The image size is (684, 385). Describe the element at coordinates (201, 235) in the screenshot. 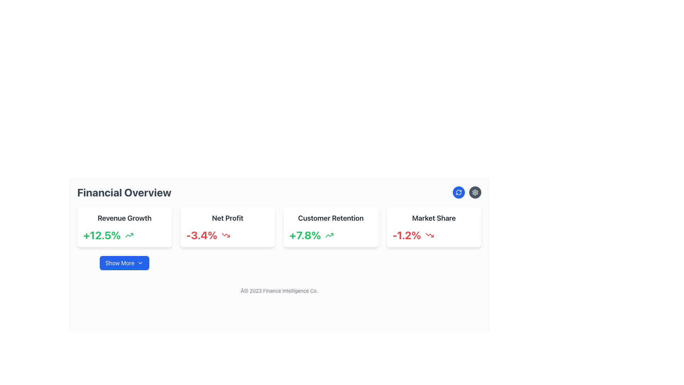

I see `the 'Net Profit' text element which indicates a decrease in red color, positioned between 'Revenue Growth' and 'Customer Retention'` at that location.